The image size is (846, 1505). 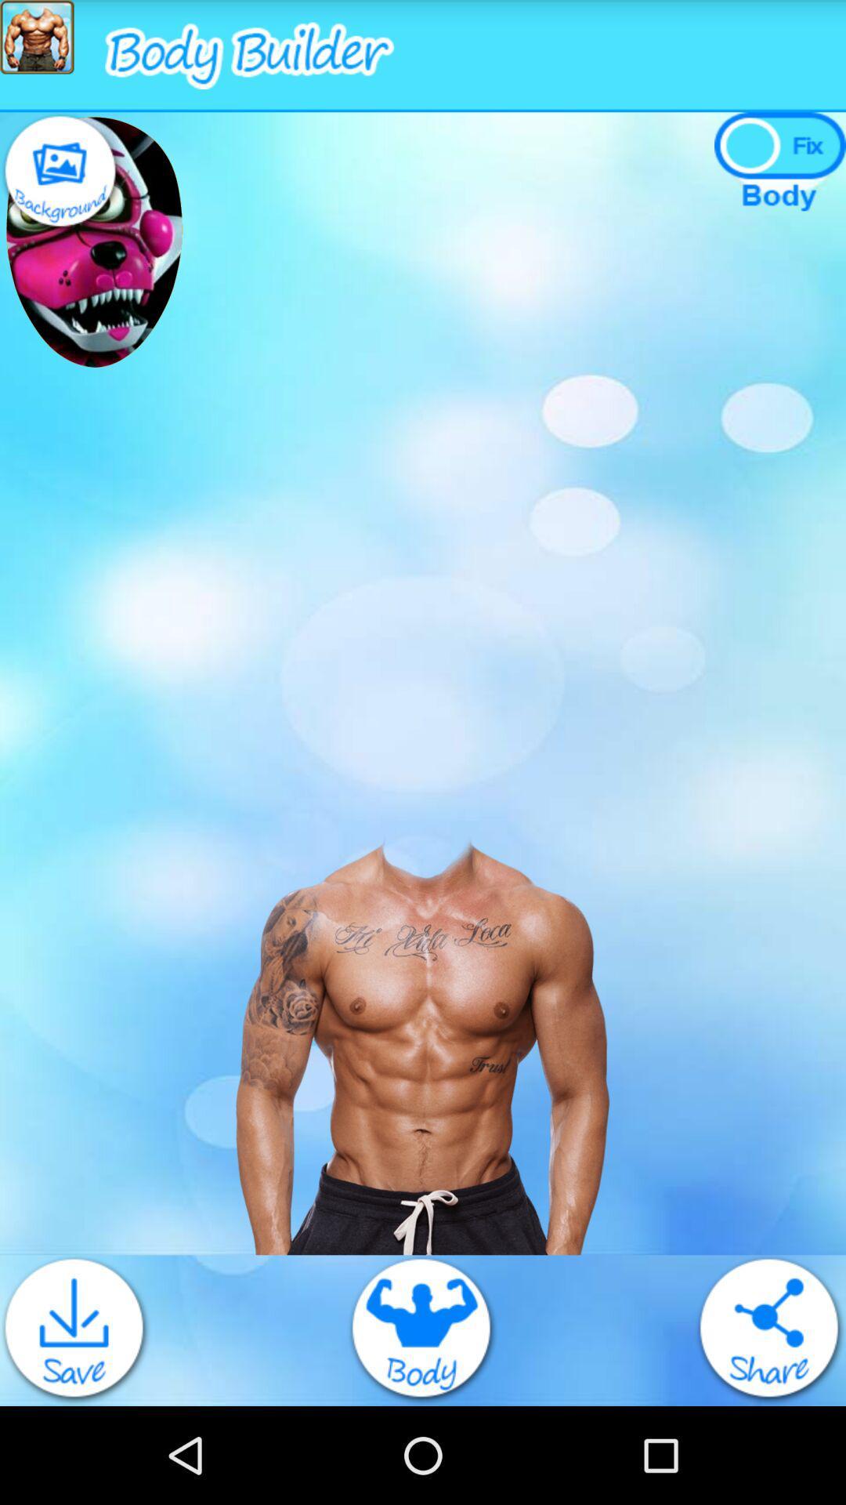 I want to click on the file_download icon, so click(x=75, y=1423).